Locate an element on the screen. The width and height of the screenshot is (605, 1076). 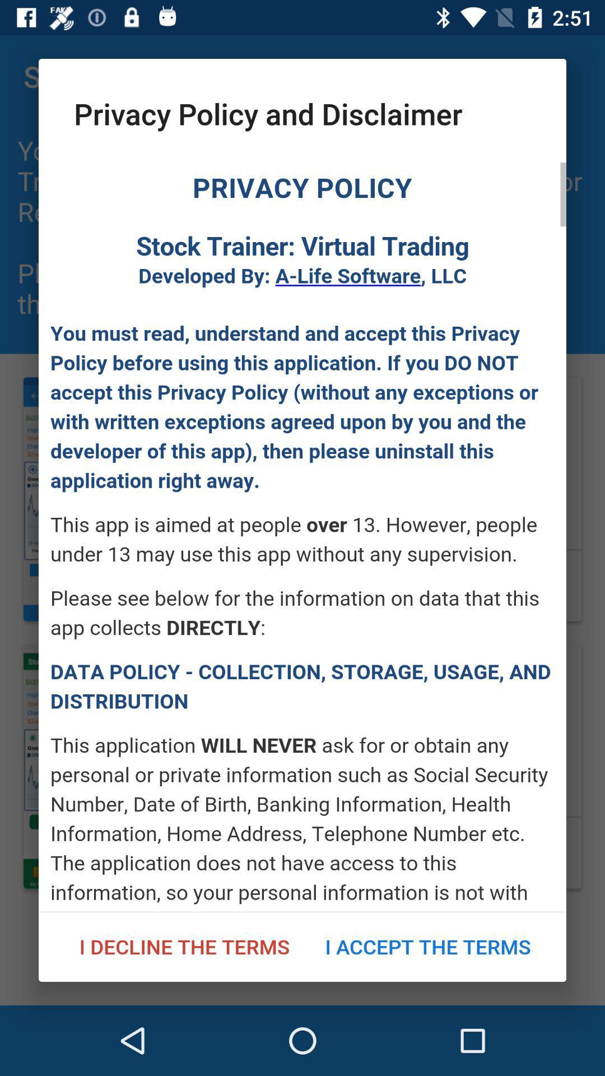
the add is located at coordinates (302, 536).